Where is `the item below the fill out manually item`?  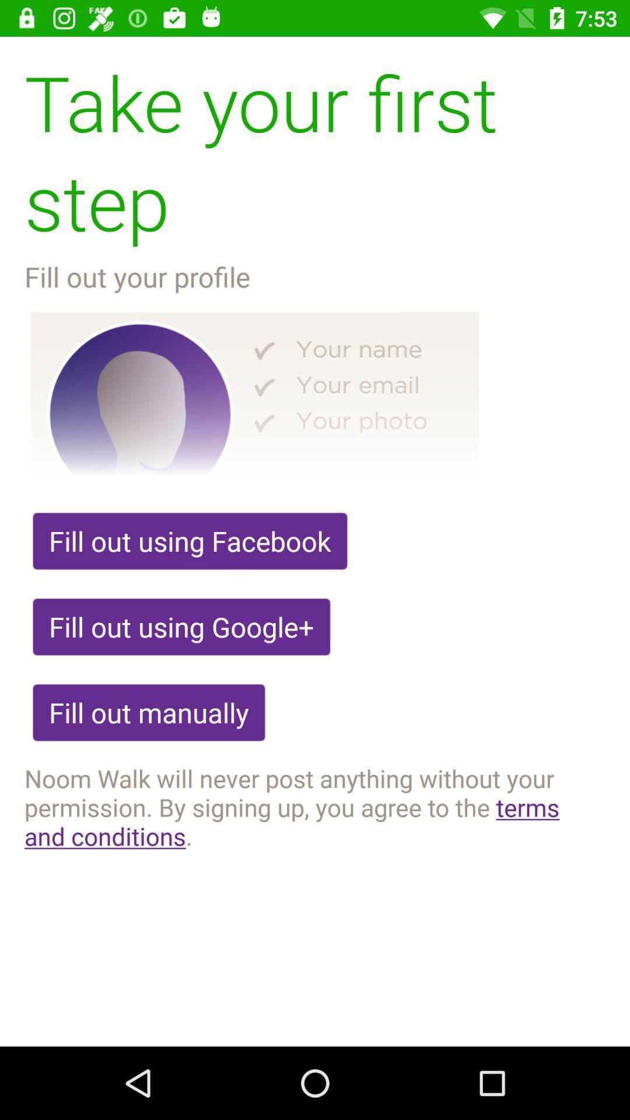 the item below the fill out manually item is located at coordinates (315, 806).